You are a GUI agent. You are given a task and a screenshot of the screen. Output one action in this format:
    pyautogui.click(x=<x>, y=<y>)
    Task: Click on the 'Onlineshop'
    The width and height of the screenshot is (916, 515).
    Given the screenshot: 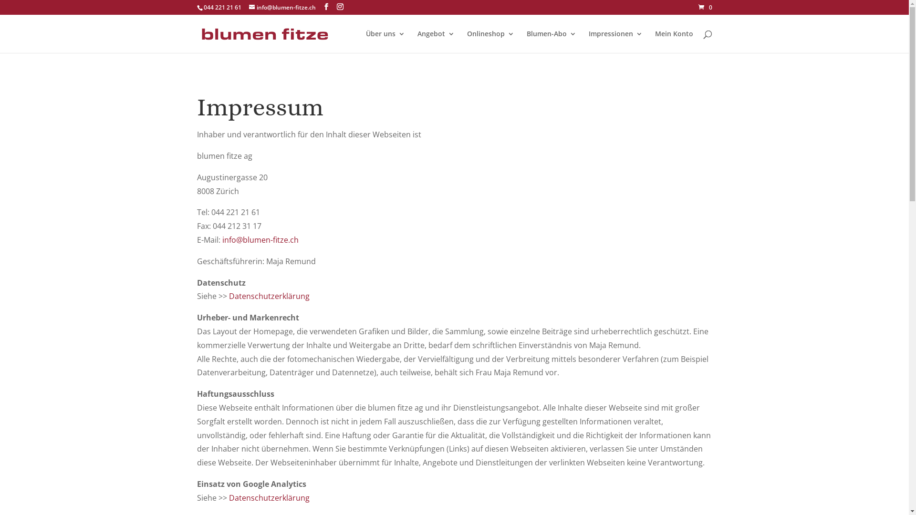 What is the action you would take?
    pyautogui.click(x=467, y=41)
    